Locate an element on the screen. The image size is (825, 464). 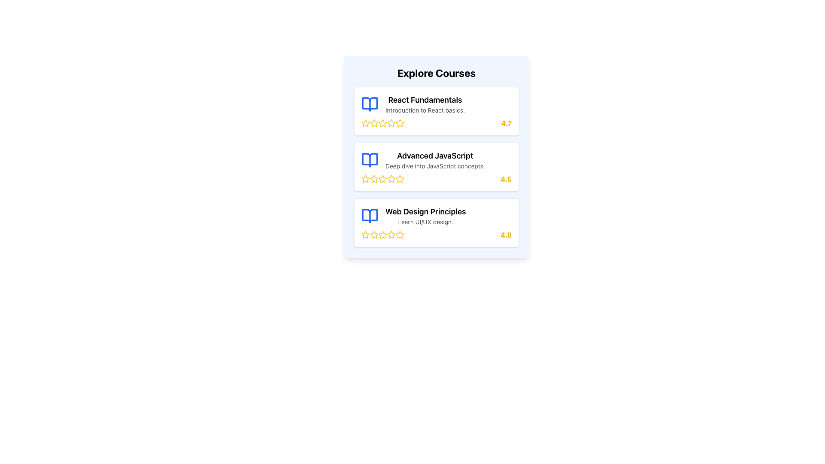
the blue open book icon that represents the 'Advanced JavaScript' entry, positioned to the left of the text within the entry is located at coordinates (370, 160).